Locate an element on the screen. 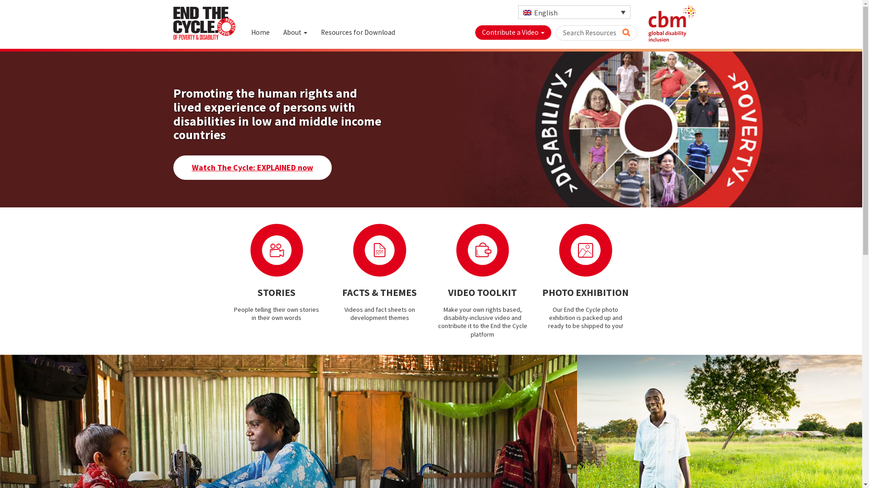  'English' is located at coordinates (517, 12).